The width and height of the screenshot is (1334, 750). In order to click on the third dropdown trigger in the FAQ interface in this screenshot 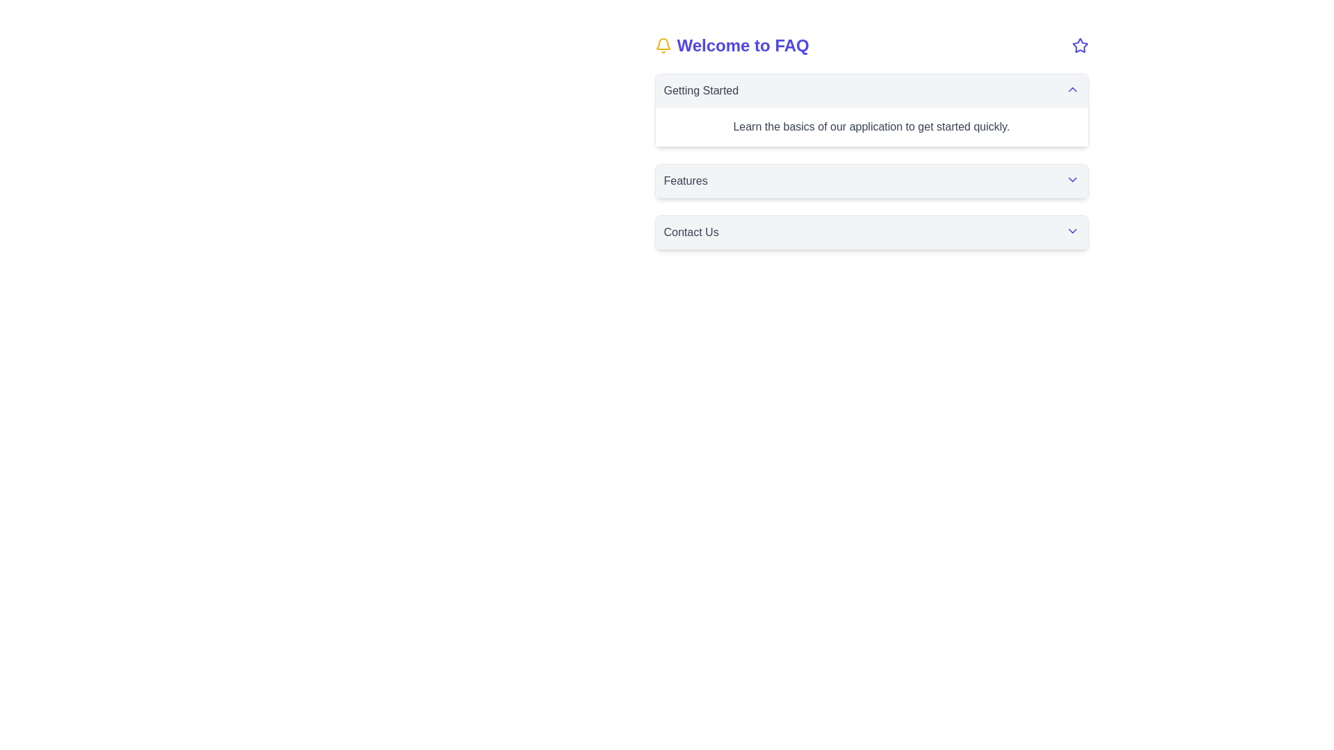, I will do `click(871, 232)`.